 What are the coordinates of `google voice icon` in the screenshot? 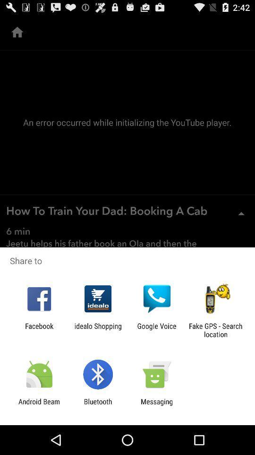 It's located at (157, 330).